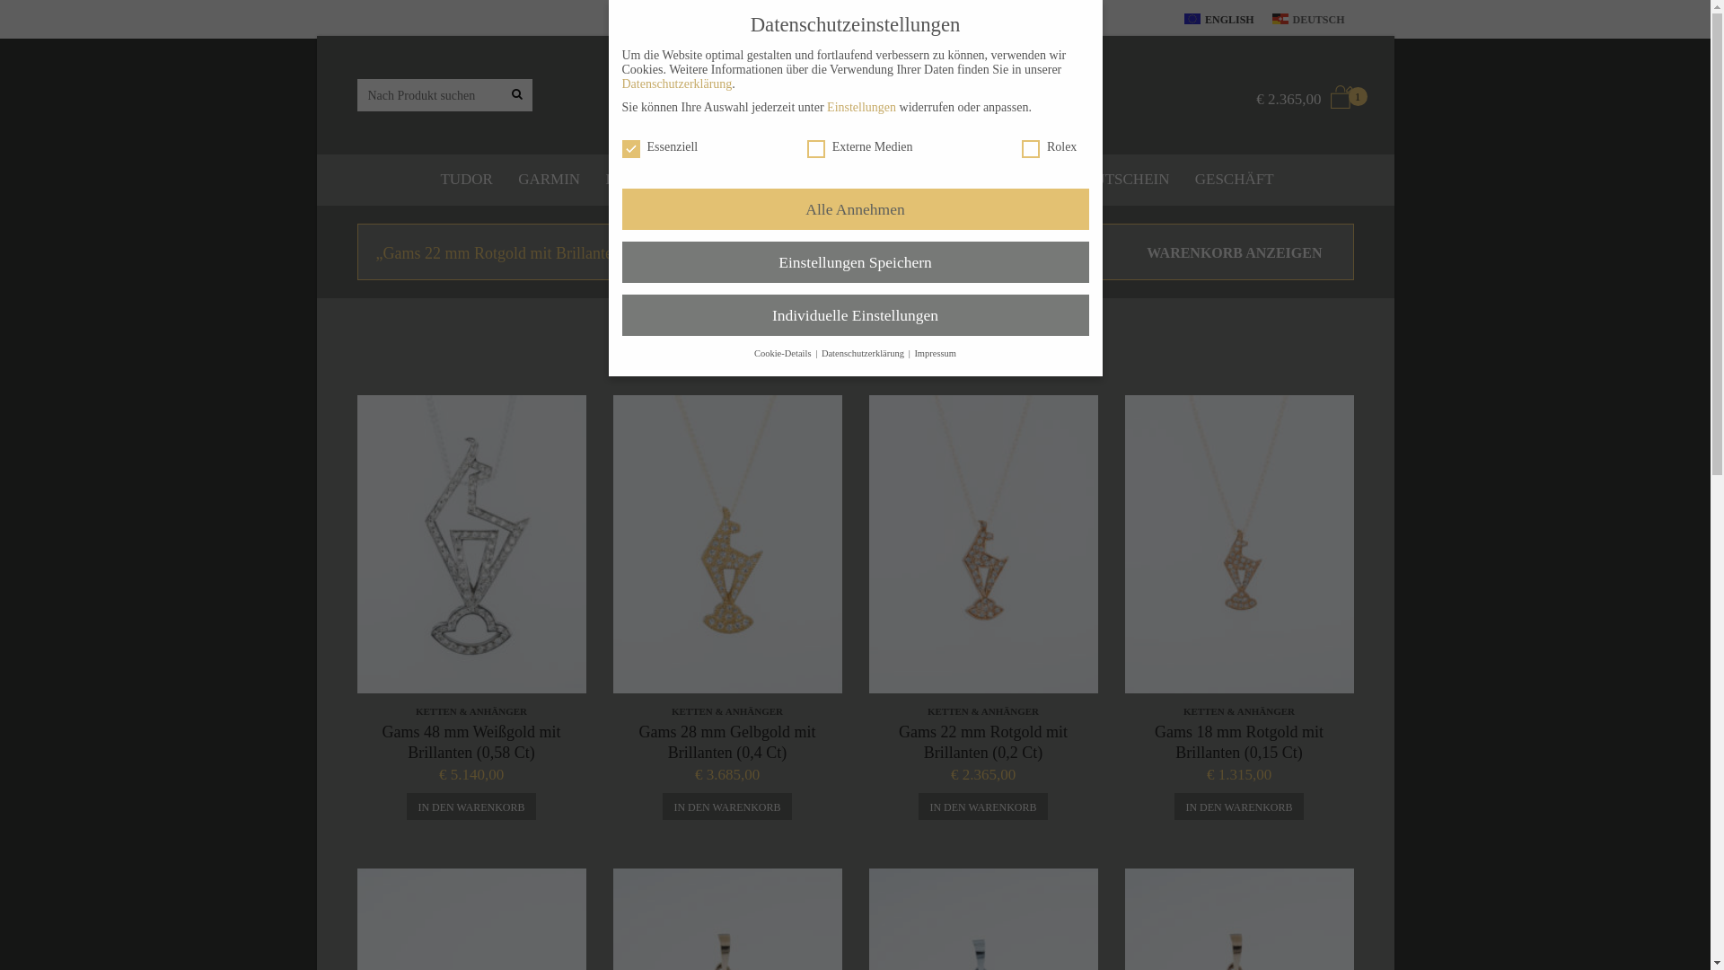 The width and height of the screenshot is (1724, 970). Describe the element at coordinates (1308, 19) in the screenshot. I see `'DEUTSCH'` at that location.